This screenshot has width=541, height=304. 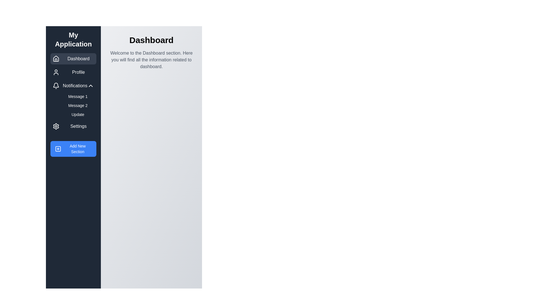 What do you see at coordinates (75, 86) in the screenshot?
I see `the 'Notifications' text label in the dark-themed sidebar, which is the third option in the vertical navigation menu, situated next to a bell icon on the left and a chevron icon on the right` at bounding box center [75, 86].